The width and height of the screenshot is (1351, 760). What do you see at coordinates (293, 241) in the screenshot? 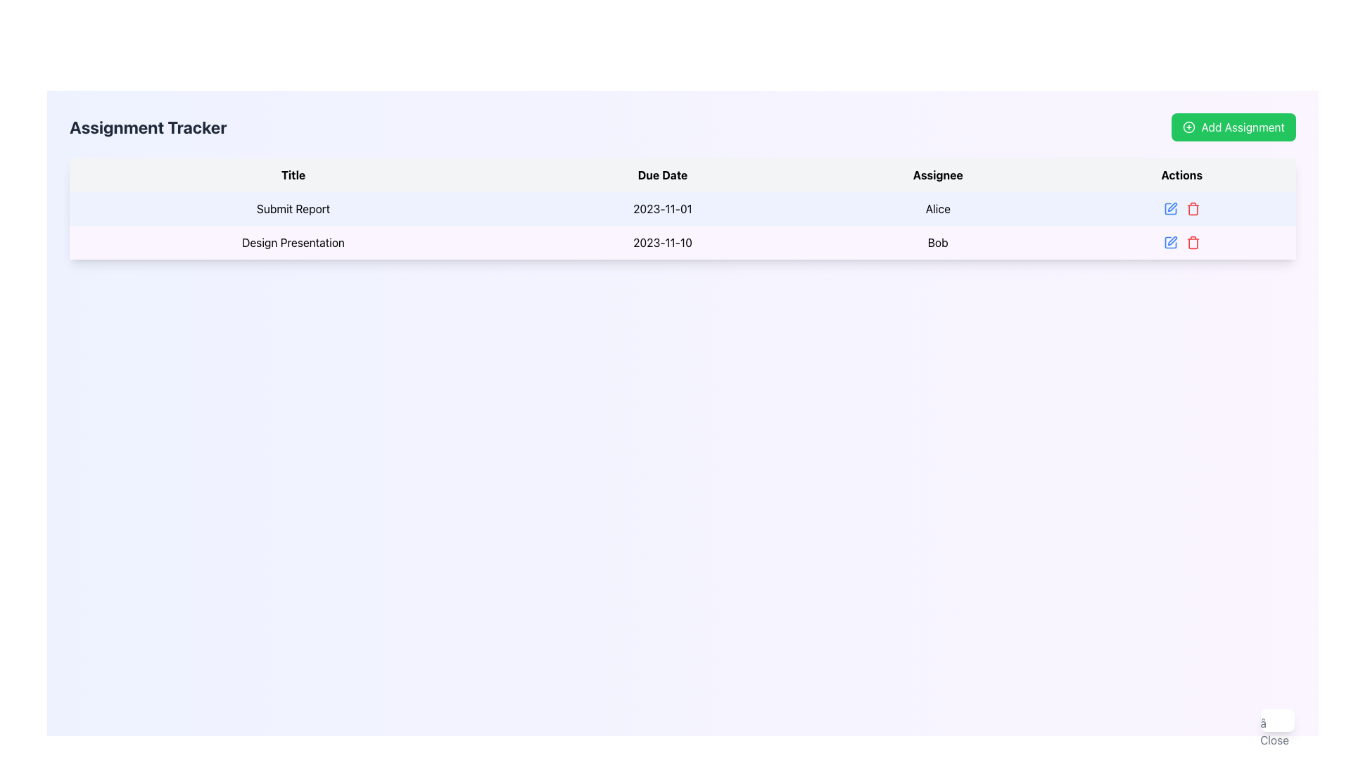
I see `the text label that displays 'Design Presentation', which is located in the second row of the table under the 'Title' column` at bounding box center [293, 241].